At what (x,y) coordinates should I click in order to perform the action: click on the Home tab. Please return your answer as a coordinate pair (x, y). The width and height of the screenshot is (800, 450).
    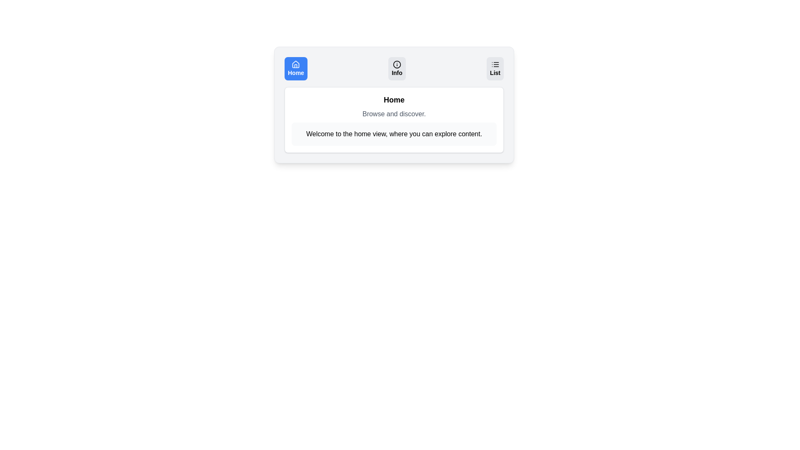
    Looking at the image, I should click on (296, 68).